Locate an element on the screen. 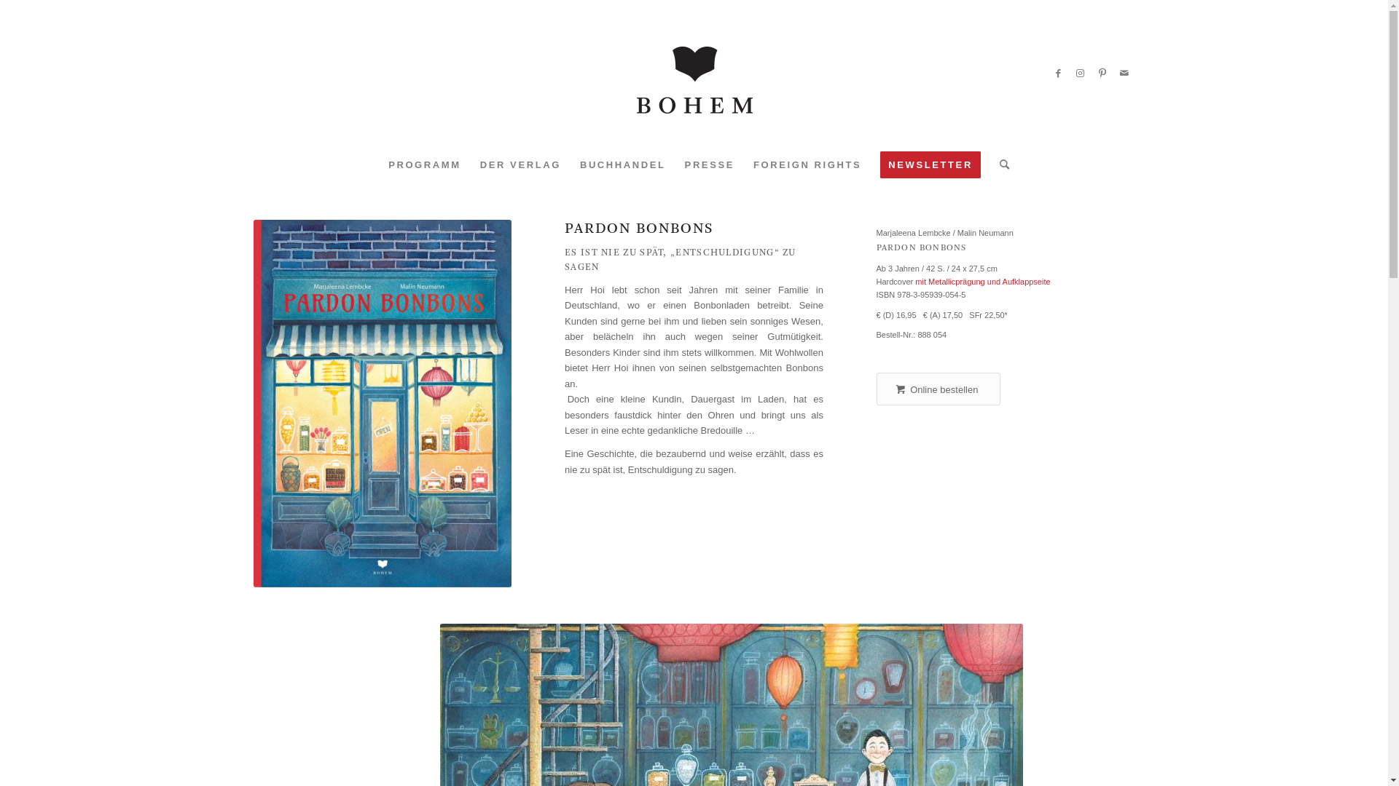  'logo-bohem' is located at coordinates (692, 73).